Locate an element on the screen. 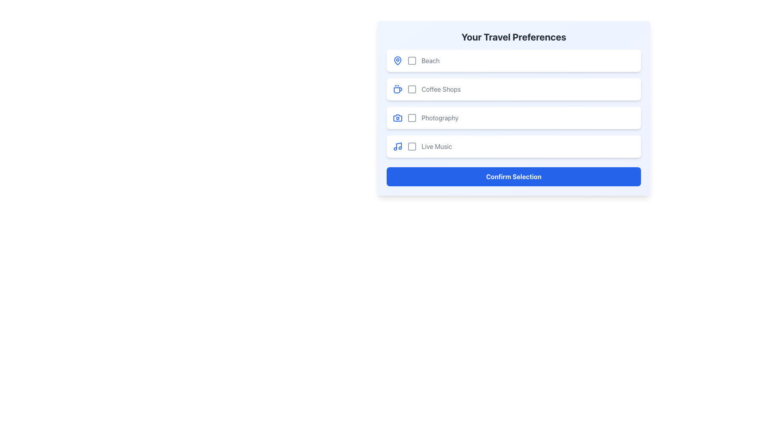  the checkbox in the 'Live Music' selectable option within the 'Your Travel Preferences' section is located at coordinates (513, 147).